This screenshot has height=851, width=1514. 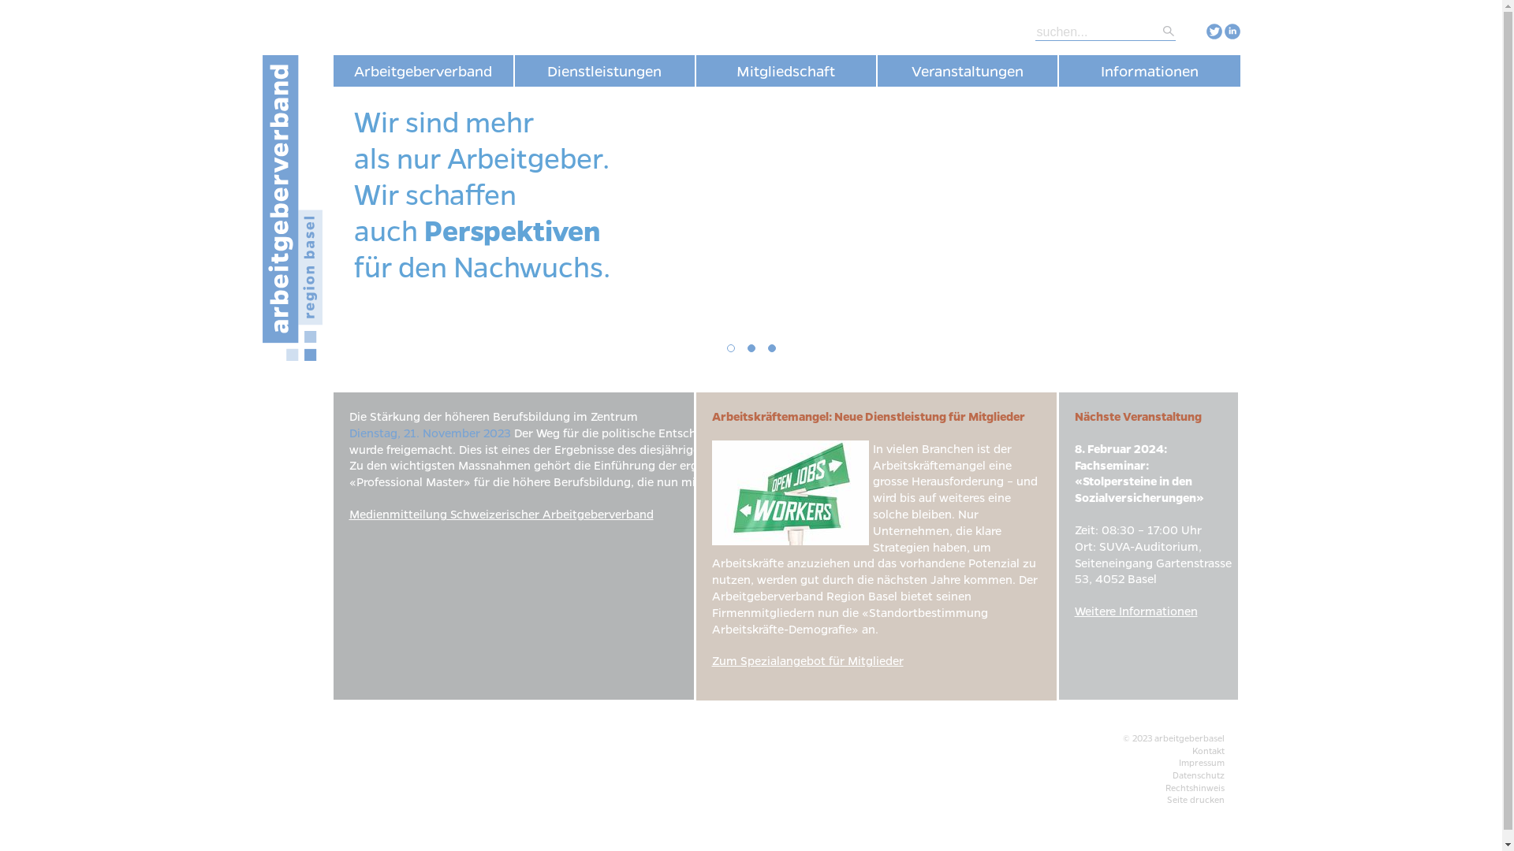 I want to click on 'Medienmitteilung Schweizerischer Arbeitgeberverband', so click(x=499, y=513).